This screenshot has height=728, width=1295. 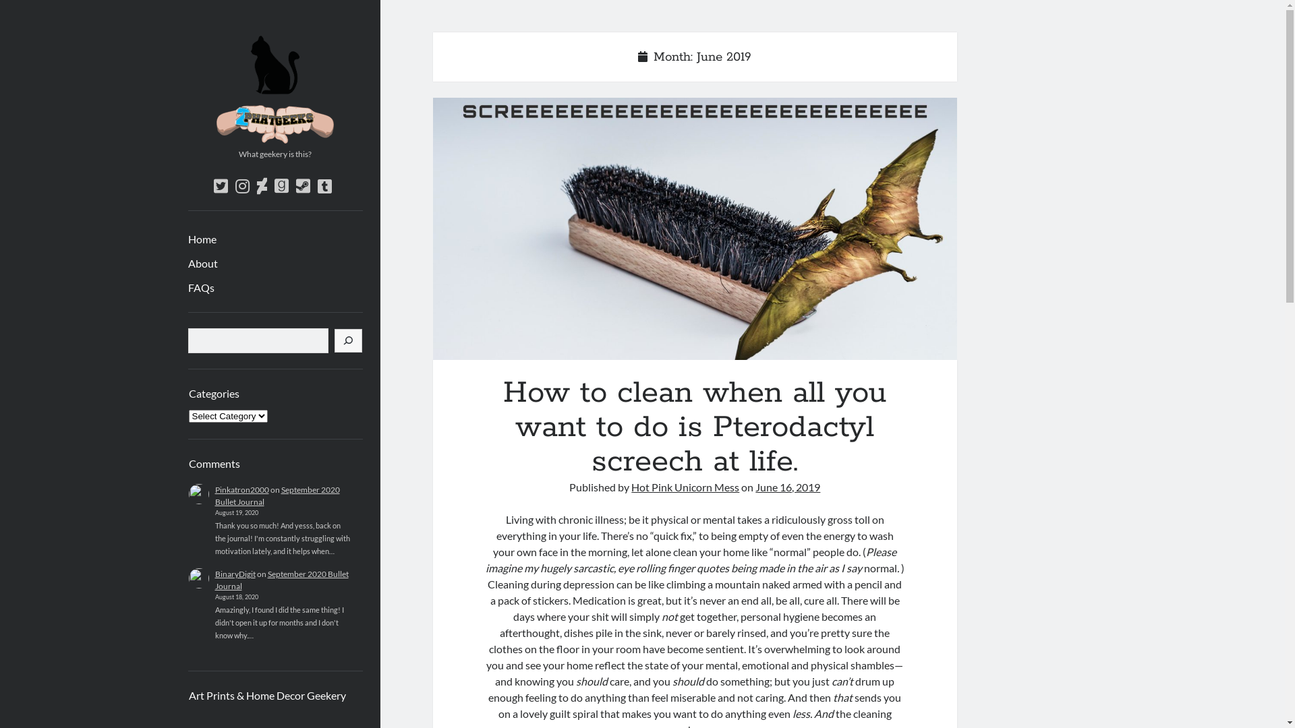 What do you see at coordinates (241, 489) in the screenshot?
I see `'Pinkatron2000'` at bounding box center [241, 489].